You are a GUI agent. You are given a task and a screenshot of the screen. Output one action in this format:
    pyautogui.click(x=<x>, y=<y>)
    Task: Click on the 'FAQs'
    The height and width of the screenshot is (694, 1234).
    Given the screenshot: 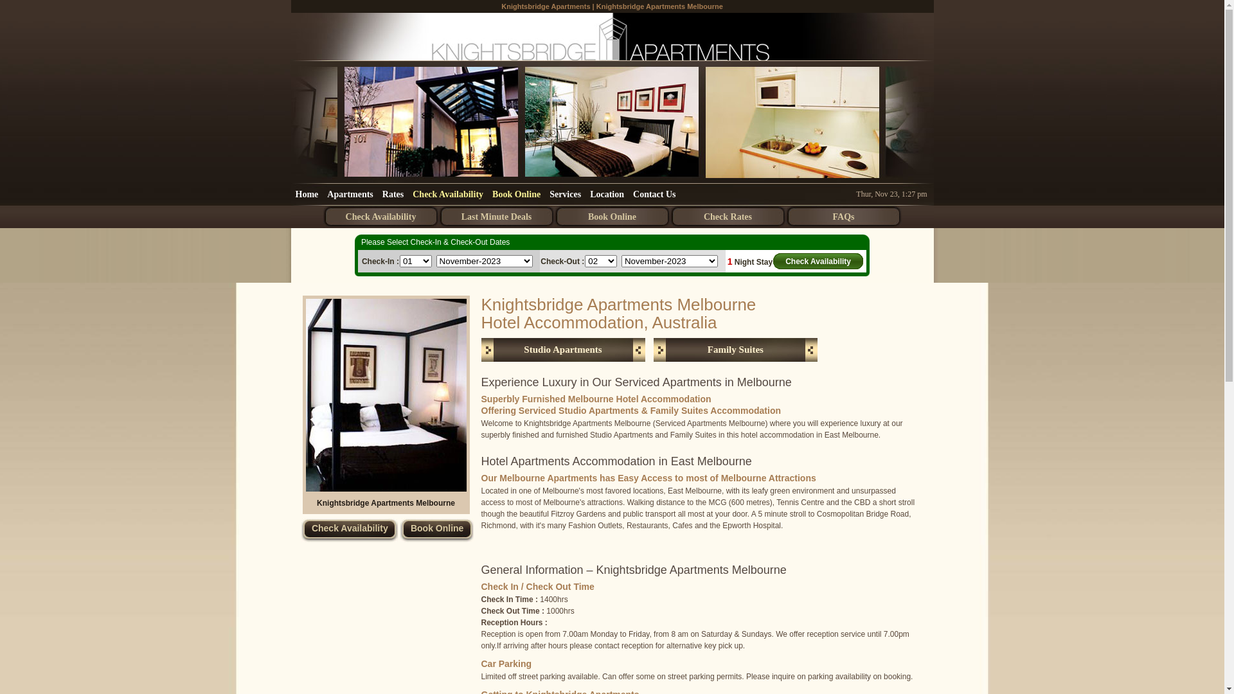 What is the action you would take?
    pyautogui.click(x=843, y=216)
    